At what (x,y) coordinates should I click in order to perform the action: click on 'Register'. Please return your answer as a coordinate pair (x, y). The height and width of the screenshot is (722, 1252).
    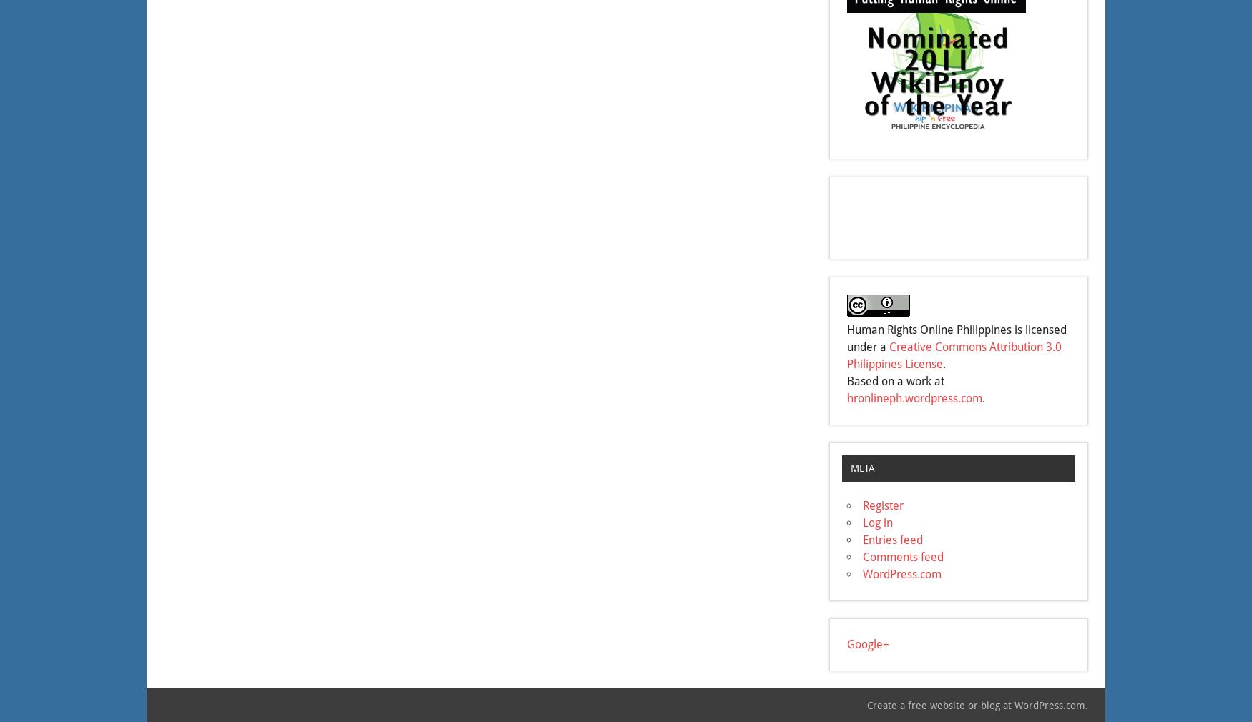
    Looking at the image, I should click on (883, 504).